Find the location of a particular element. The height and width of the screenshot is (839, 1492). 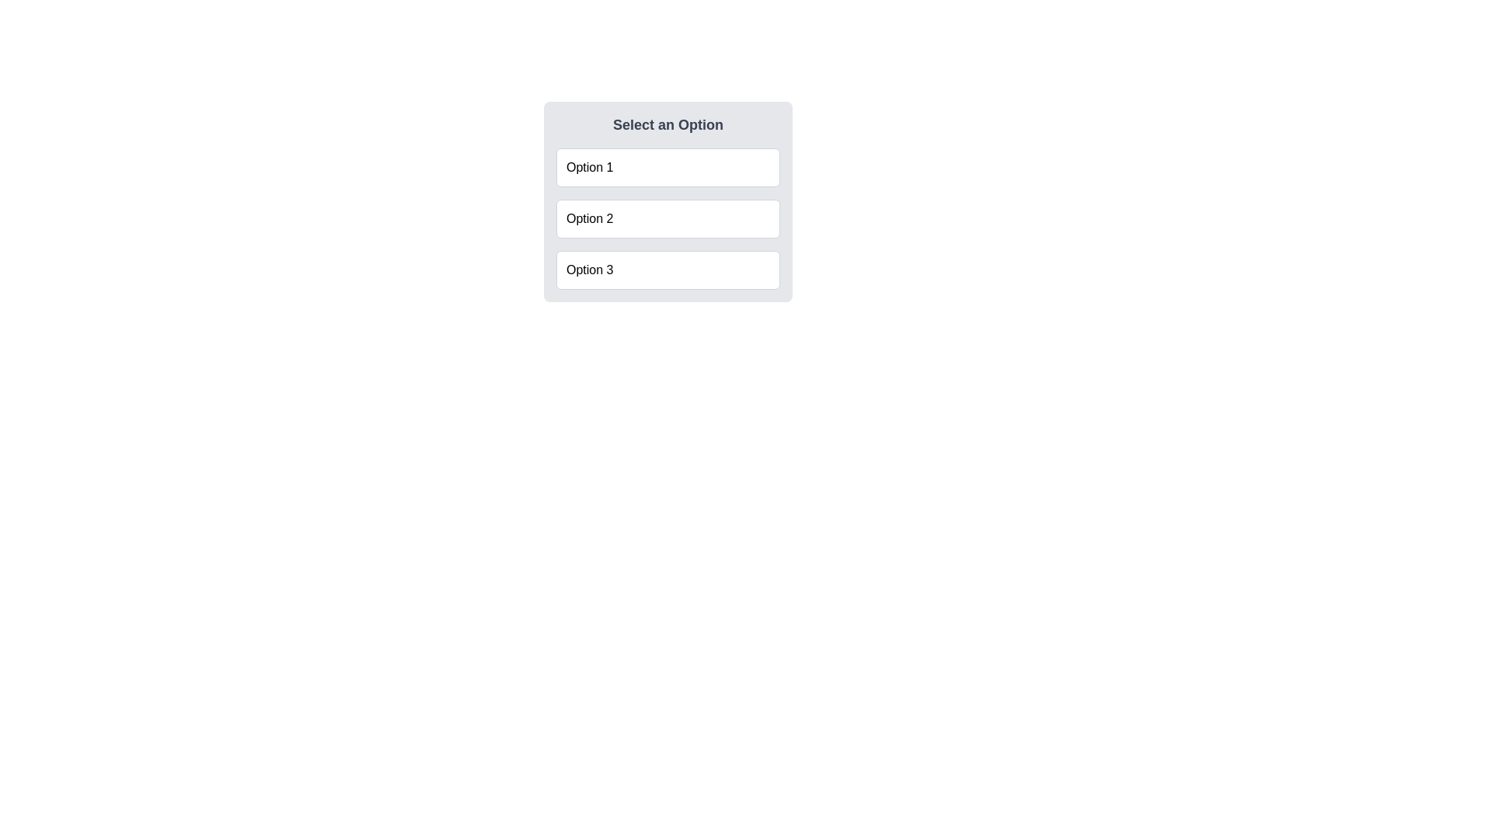

the text label 'Option 2' located in the second option card with a light gray border and background, which is part of a vertically stacked series of three option cards is located at coordinates (589, 218).